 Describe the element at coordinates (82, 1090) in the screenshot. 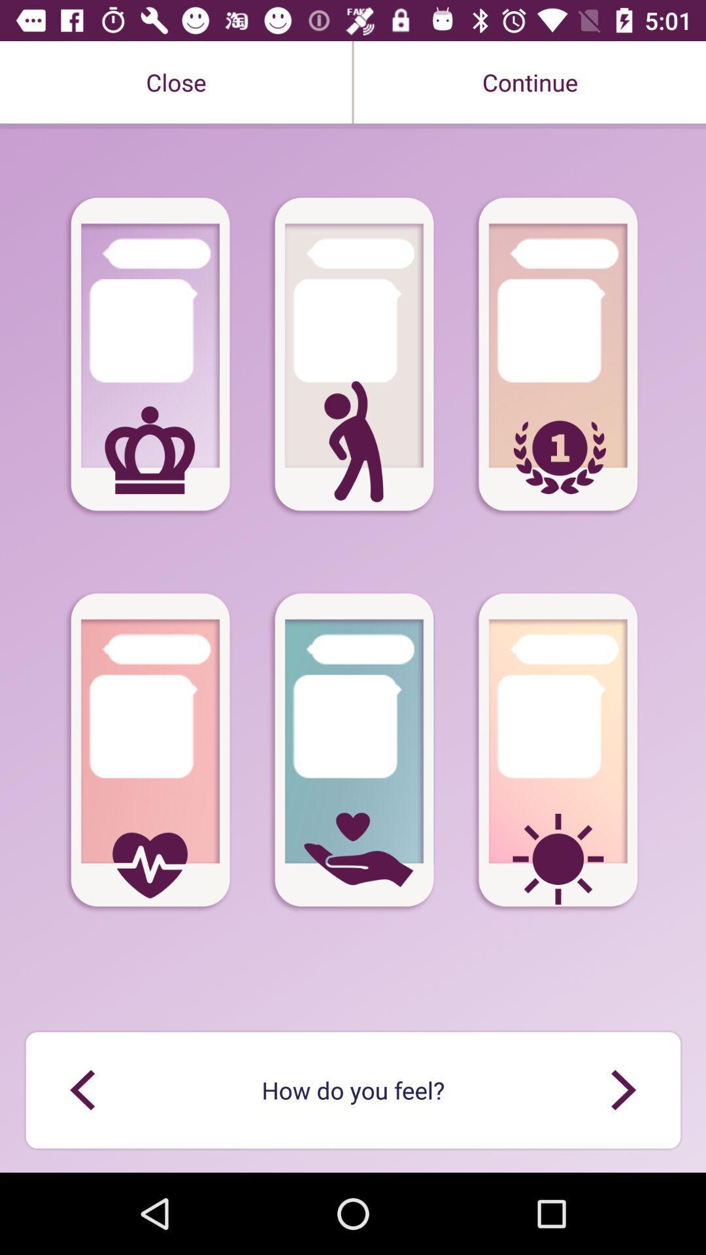

I see `the arrow_backward icon` at that location.